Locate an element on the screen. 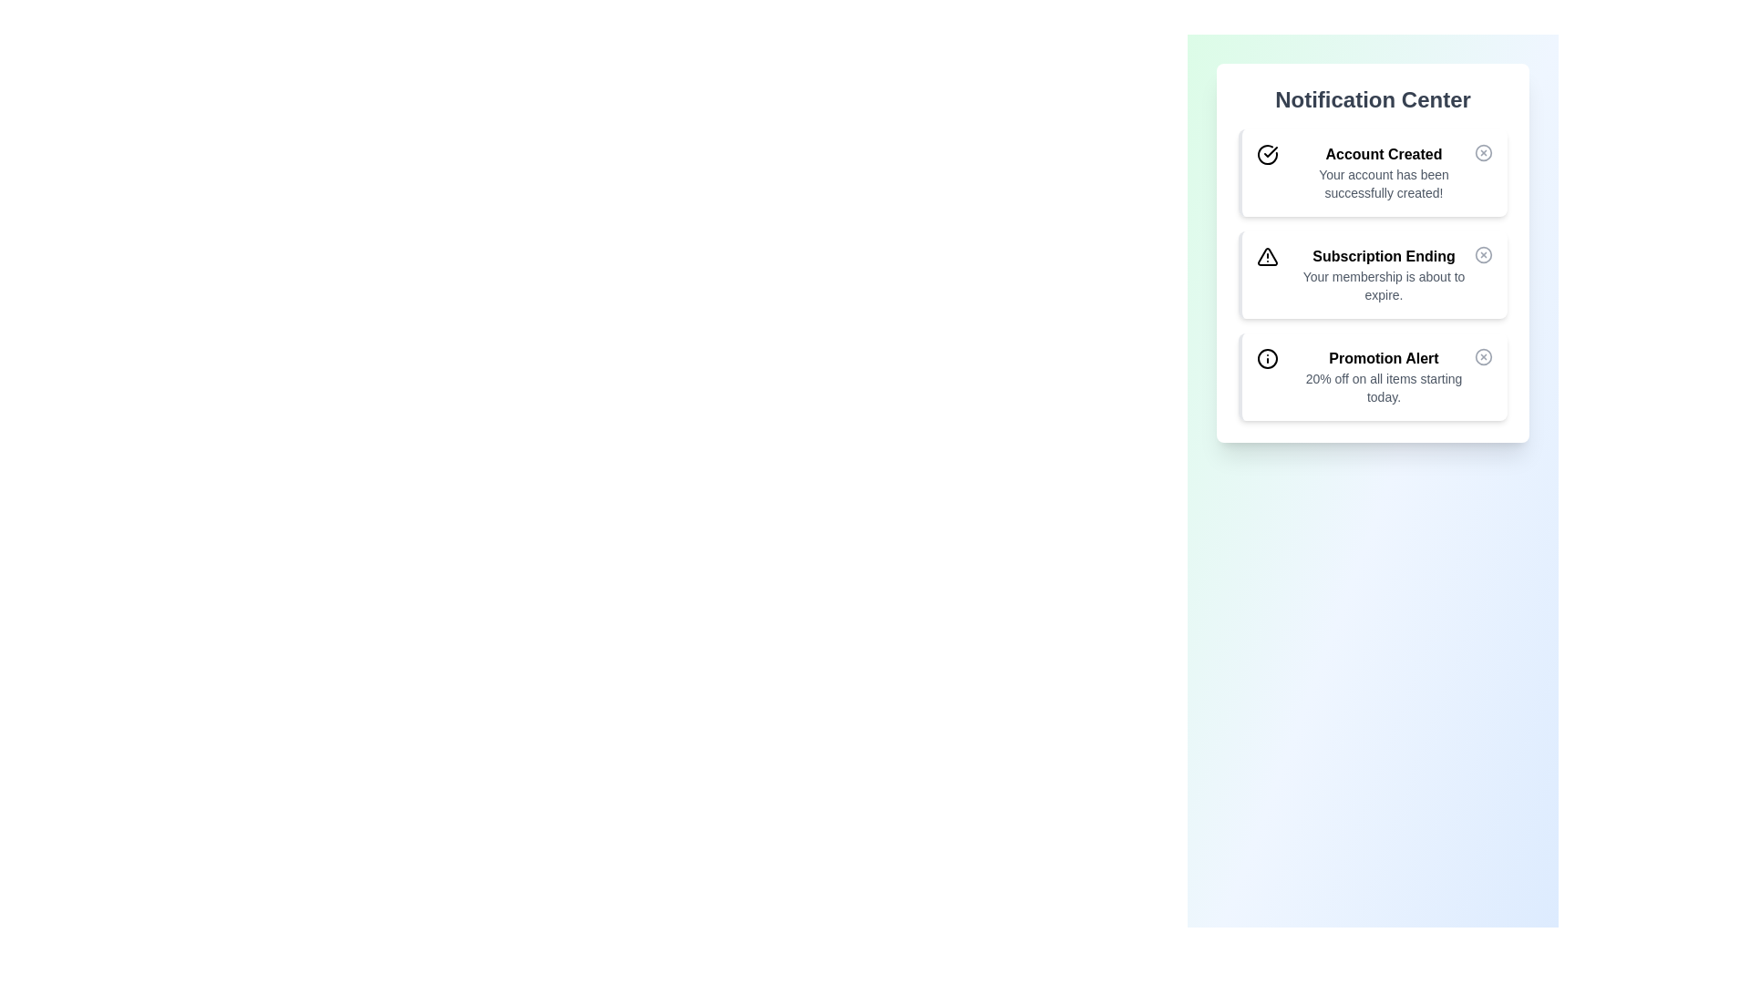  the static text message indicating successful account creation located below the 'Account Created' title in the Notification Center is located at coordinates (1384, 183).